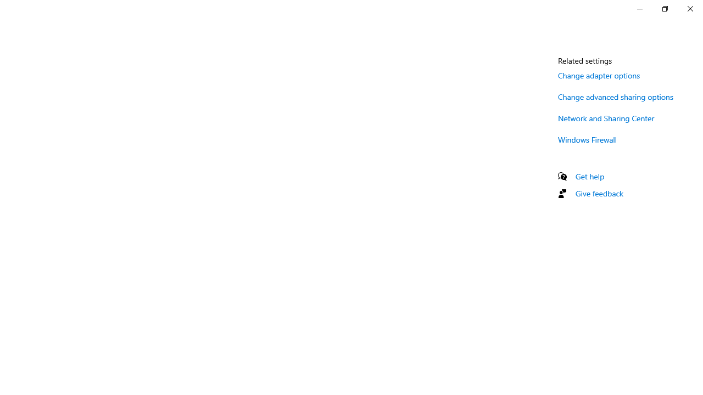 Image resolution: width=703 pixels, height=395 pixels. Describe the element at coordinates (639, 8) in the screenshot. I see `'Minimize Settings'` at that location.